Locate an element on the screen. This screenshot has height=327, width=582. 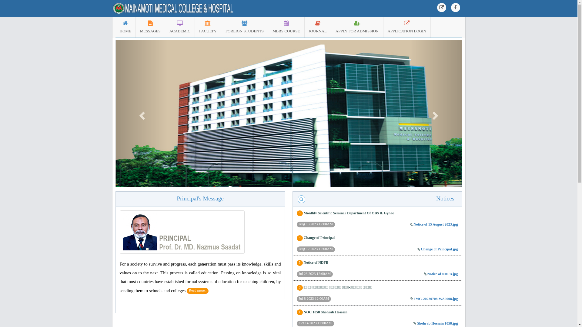
'MESSAGES' is located at coordinates (150, 27).